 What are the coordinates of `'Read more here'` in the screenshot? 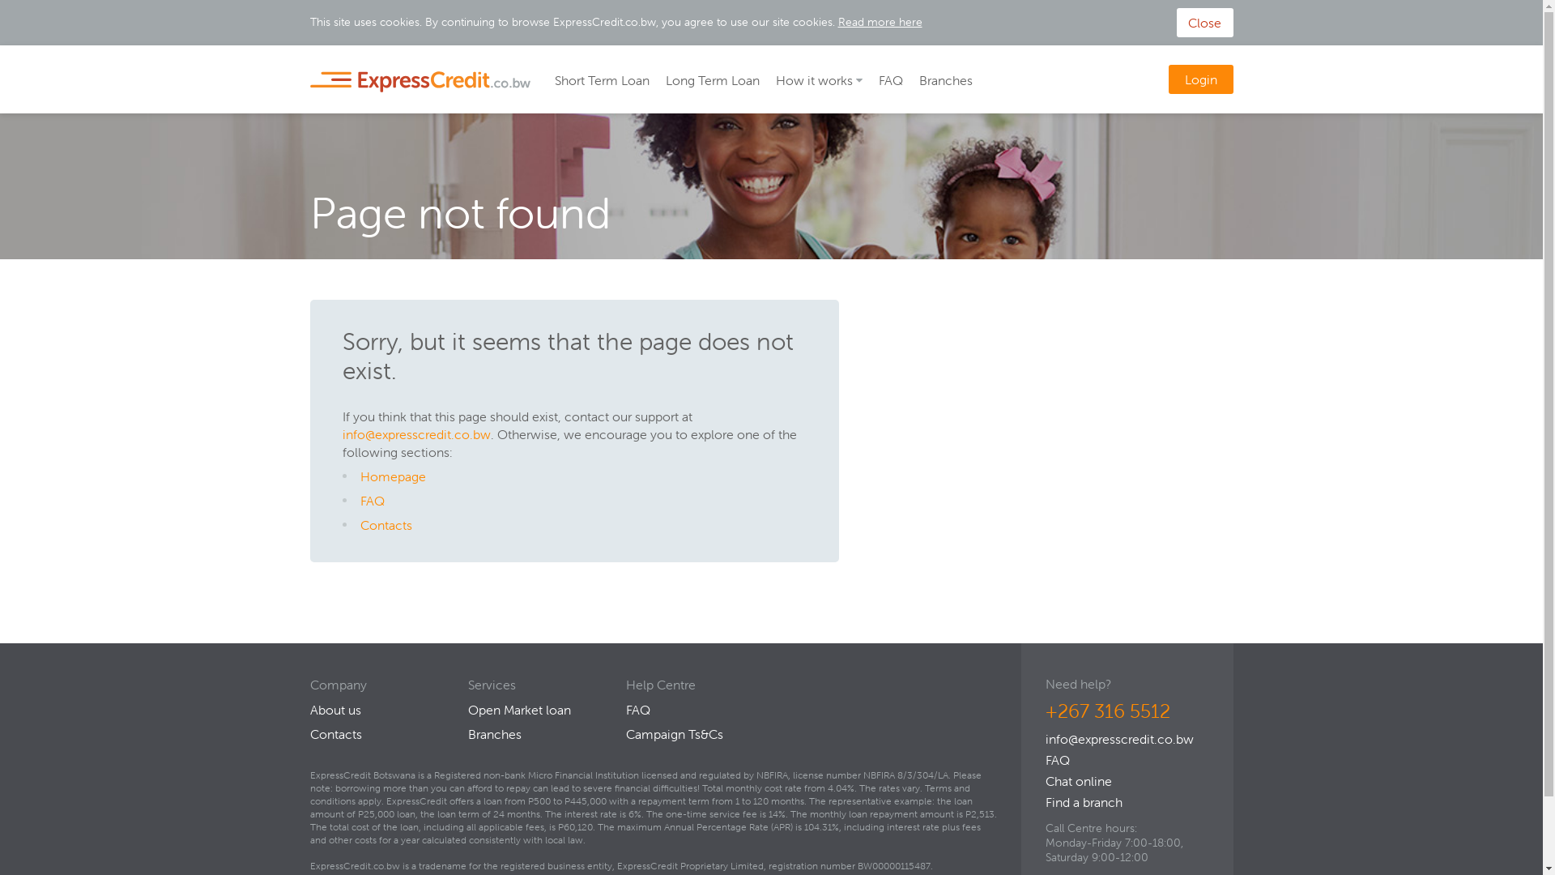 It's located at (878, 22).